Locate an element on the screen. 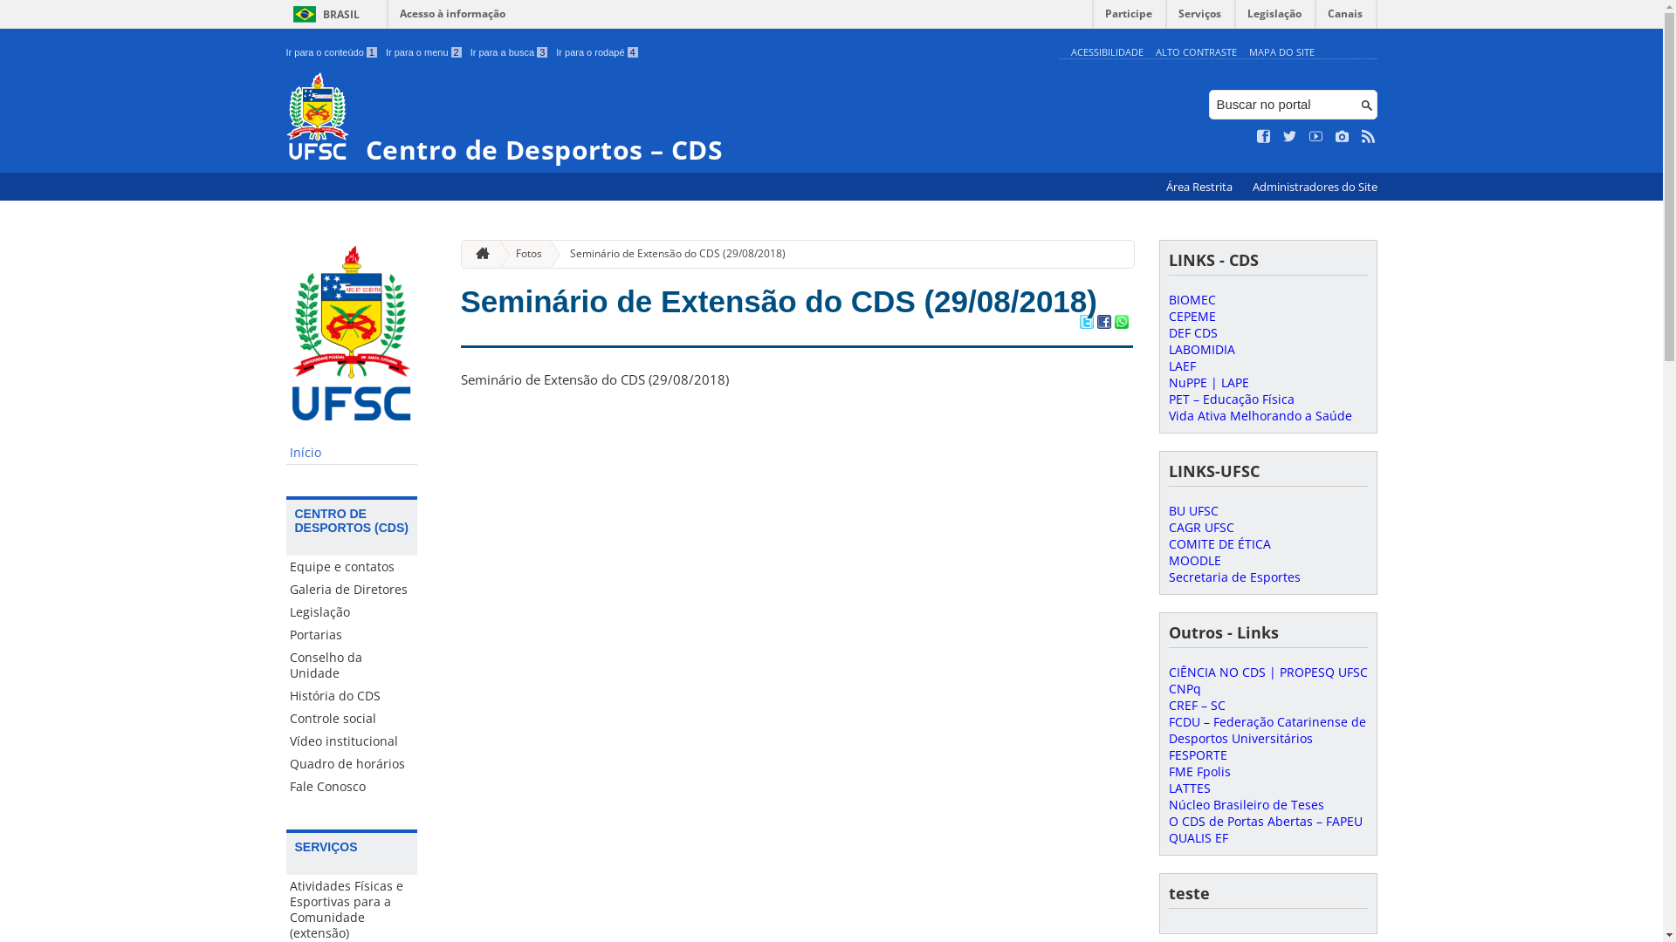 This screenshot has width=1676, height=942. 'Secretaria de Esportes' is located at coordinates (1233, 577).